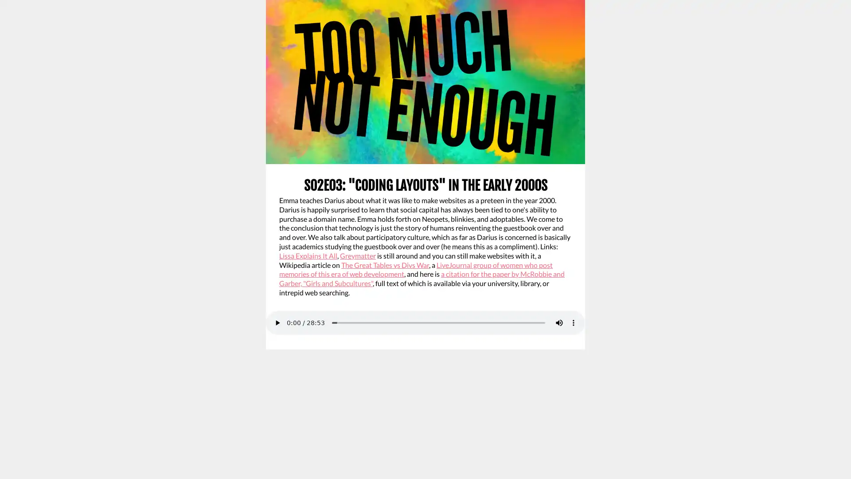 The width and height of the screenshot is (851, 479). What do you see at coordinates (559, 322) in the screenshot?
I see `mute` at bounding box center [559, 322].